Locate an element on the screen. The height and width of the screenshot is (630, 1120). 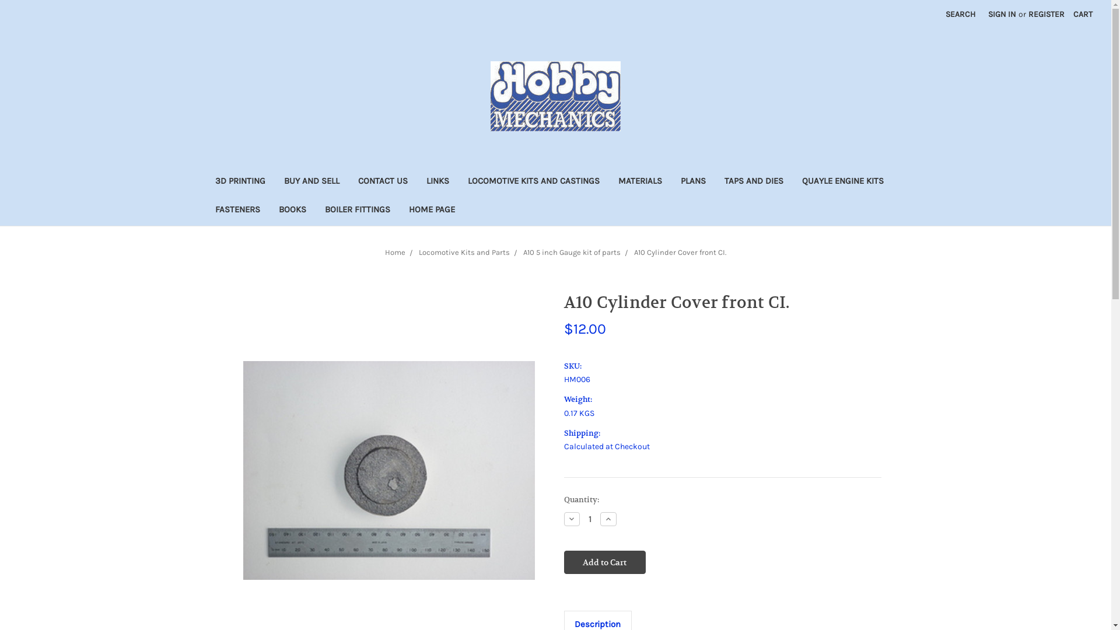
'CART' is located at coordinates (1082, 14).